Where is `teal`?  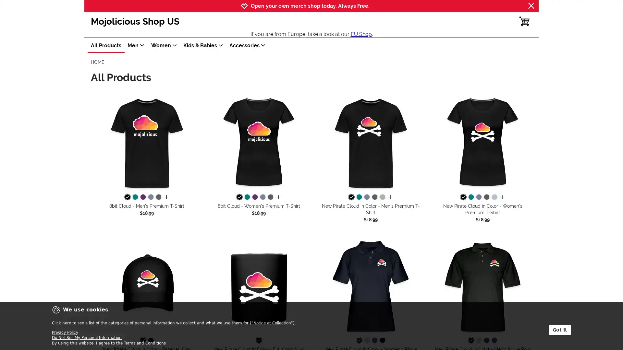
teal is located at coordinates (247, 197).